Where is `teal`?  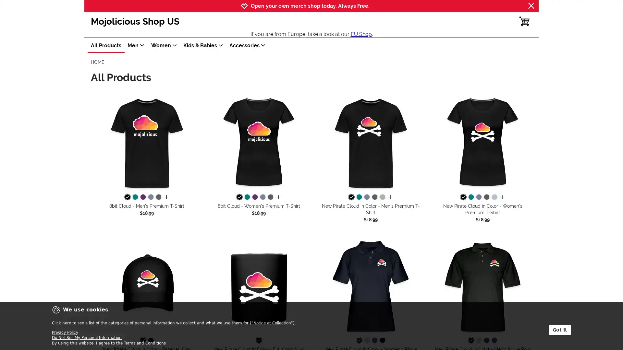
teal is located at coordinates (247, 197).